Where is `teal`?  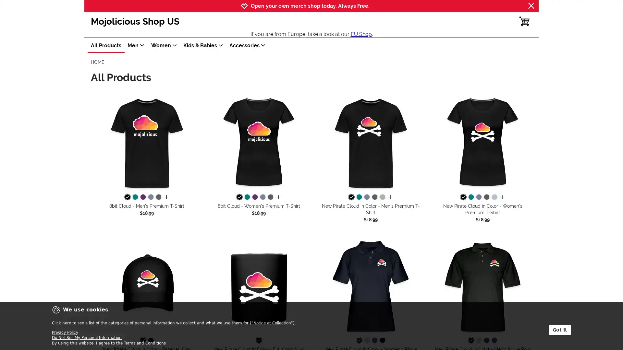
teal is located at coordinates (247, 197).